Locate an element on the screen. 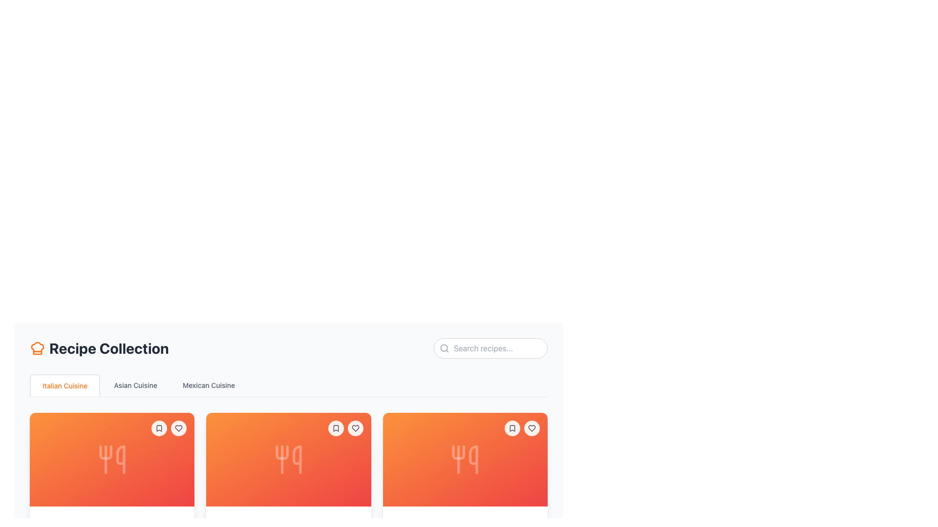  the heart icon button located in the top-right corner of the orange recipe card to potentially reveal additional options is located at coordinates (355, 428).